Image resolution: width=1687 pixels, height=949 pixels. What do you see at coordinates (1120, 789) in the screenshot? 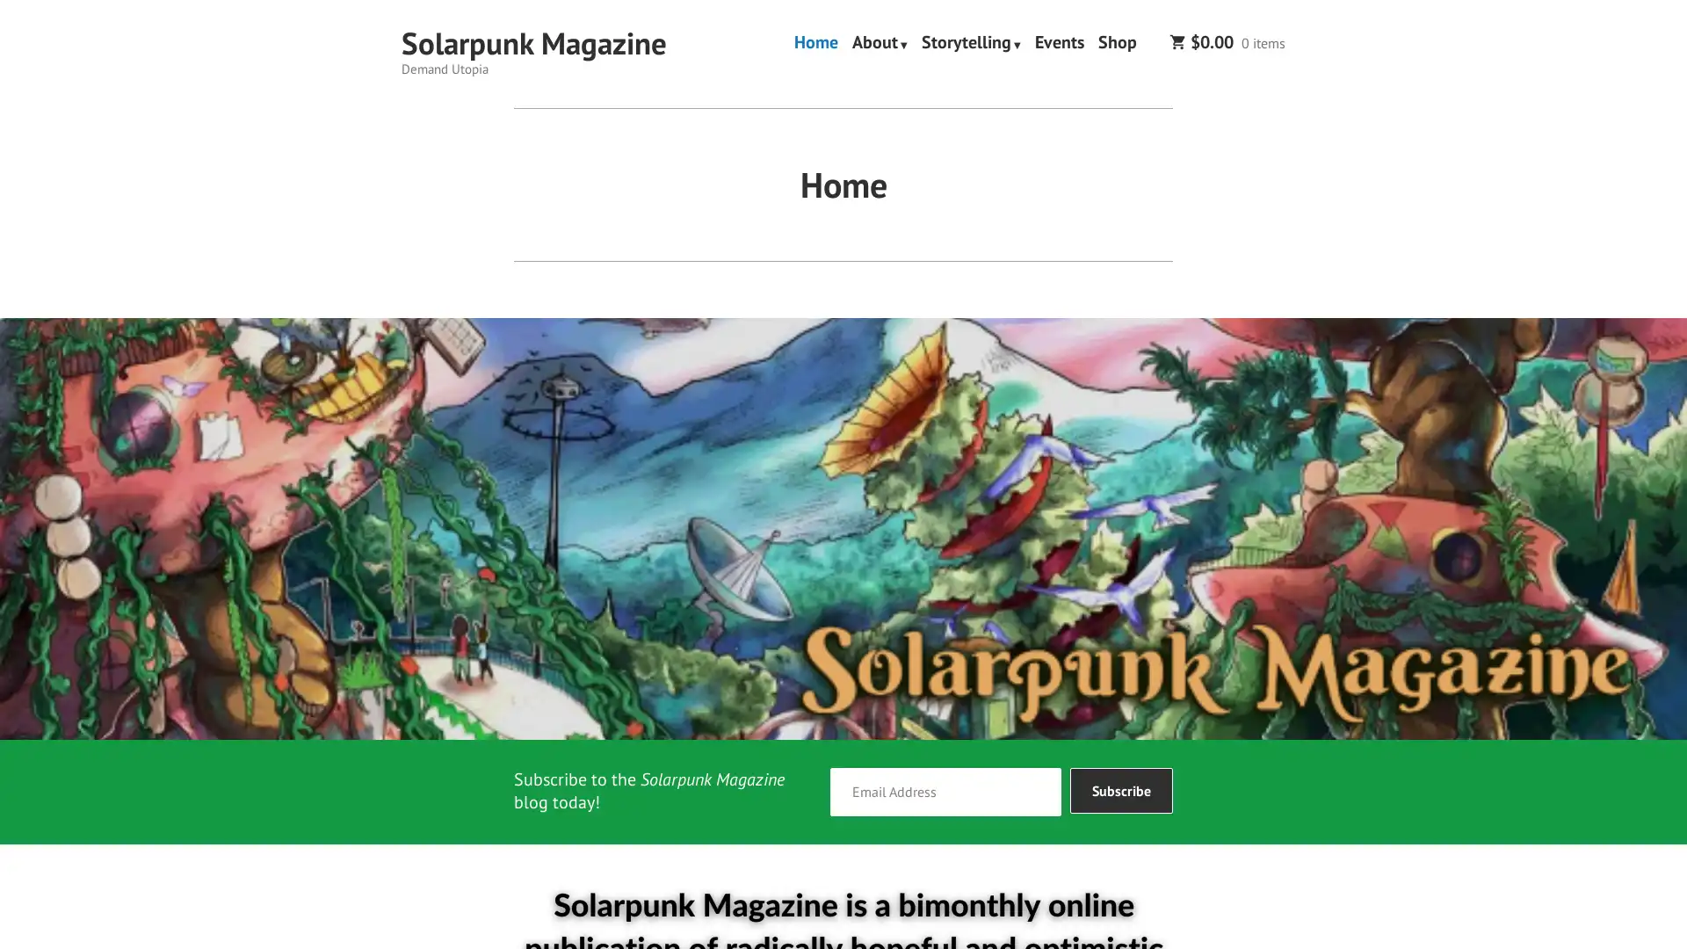
I see `Subscribe` at bounding box center [1120, 789].